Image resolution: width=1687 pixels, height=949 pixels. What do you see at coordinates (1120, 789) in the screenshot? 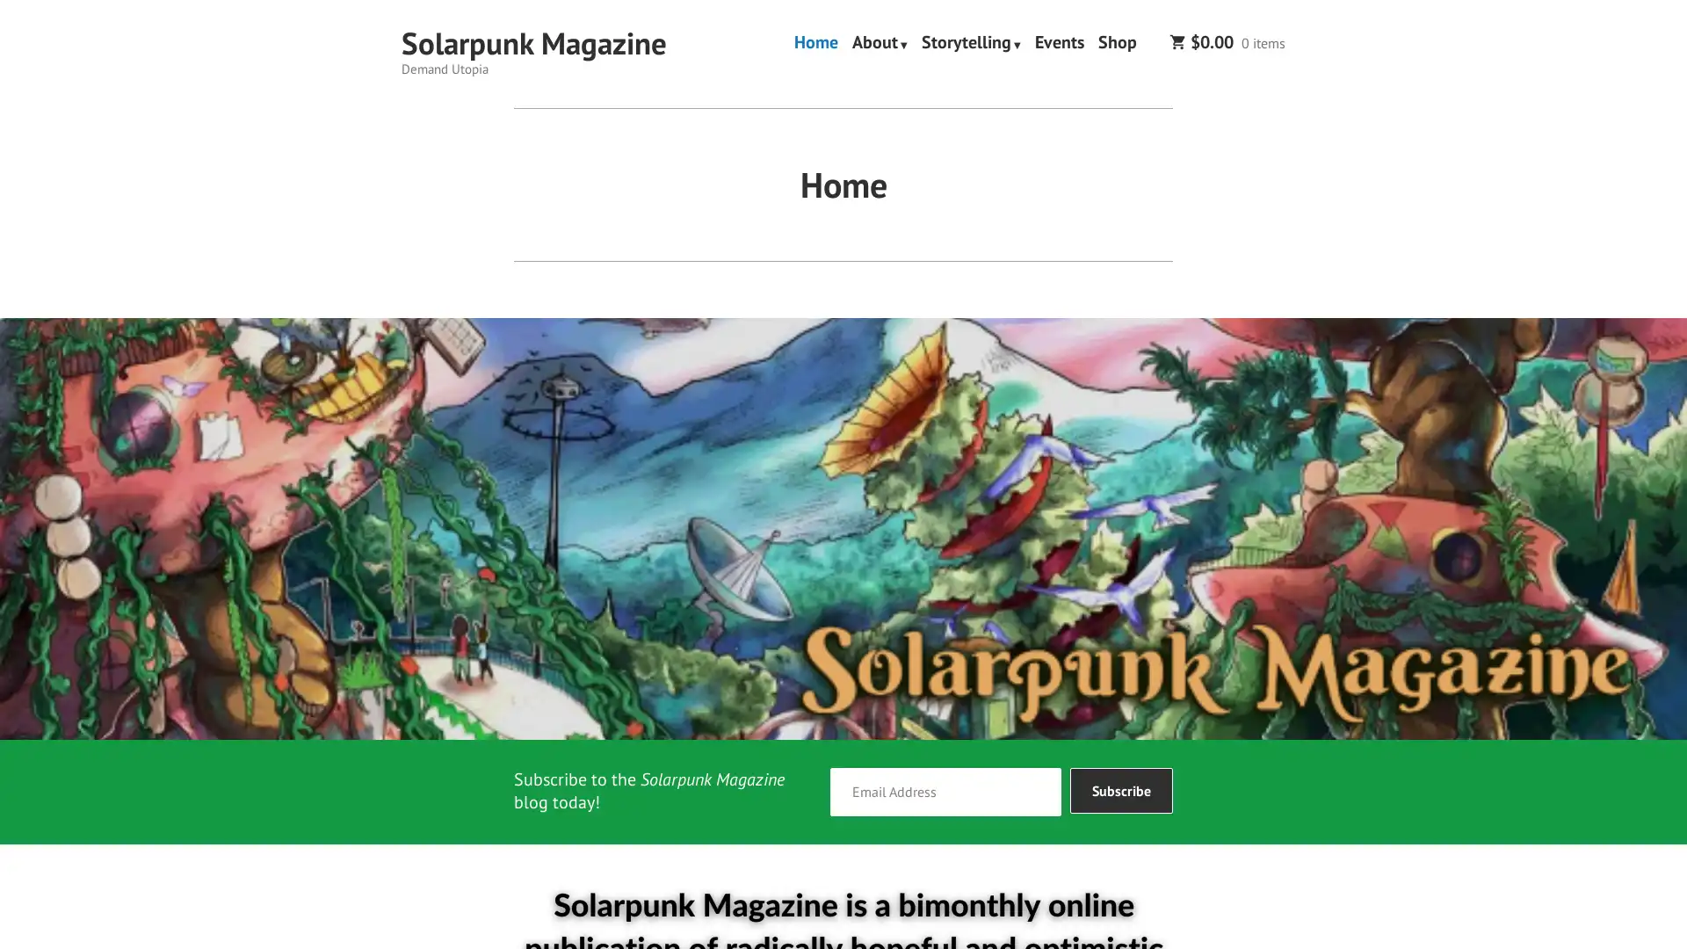
I see `Subscribe` at bounding box center [1120, 789].